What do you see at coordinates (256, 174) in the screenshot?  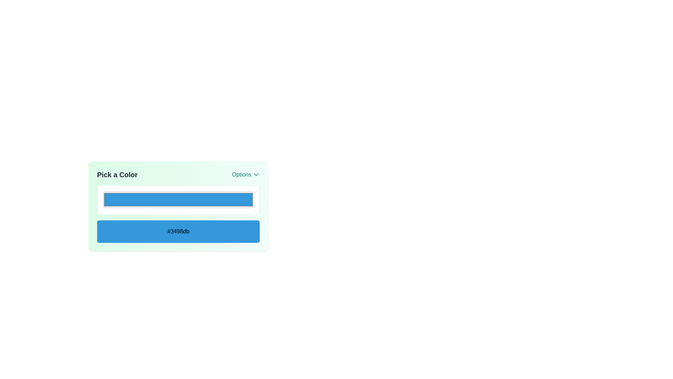 I see `the dropdown icon located in the top-right section of the card-like layout next to the 'Options' text` at bounding box center [256, 174].